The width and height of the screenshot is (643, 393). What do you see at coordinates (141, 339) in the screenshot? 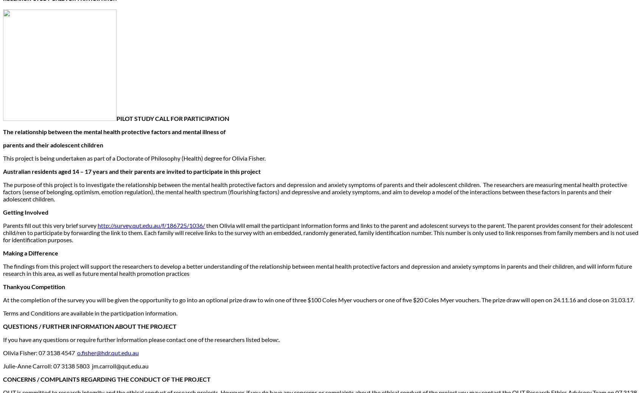
I see `'If you have any questions or require further information please contact one of the researchers listed below:.'` at bounding box center [141, 339].